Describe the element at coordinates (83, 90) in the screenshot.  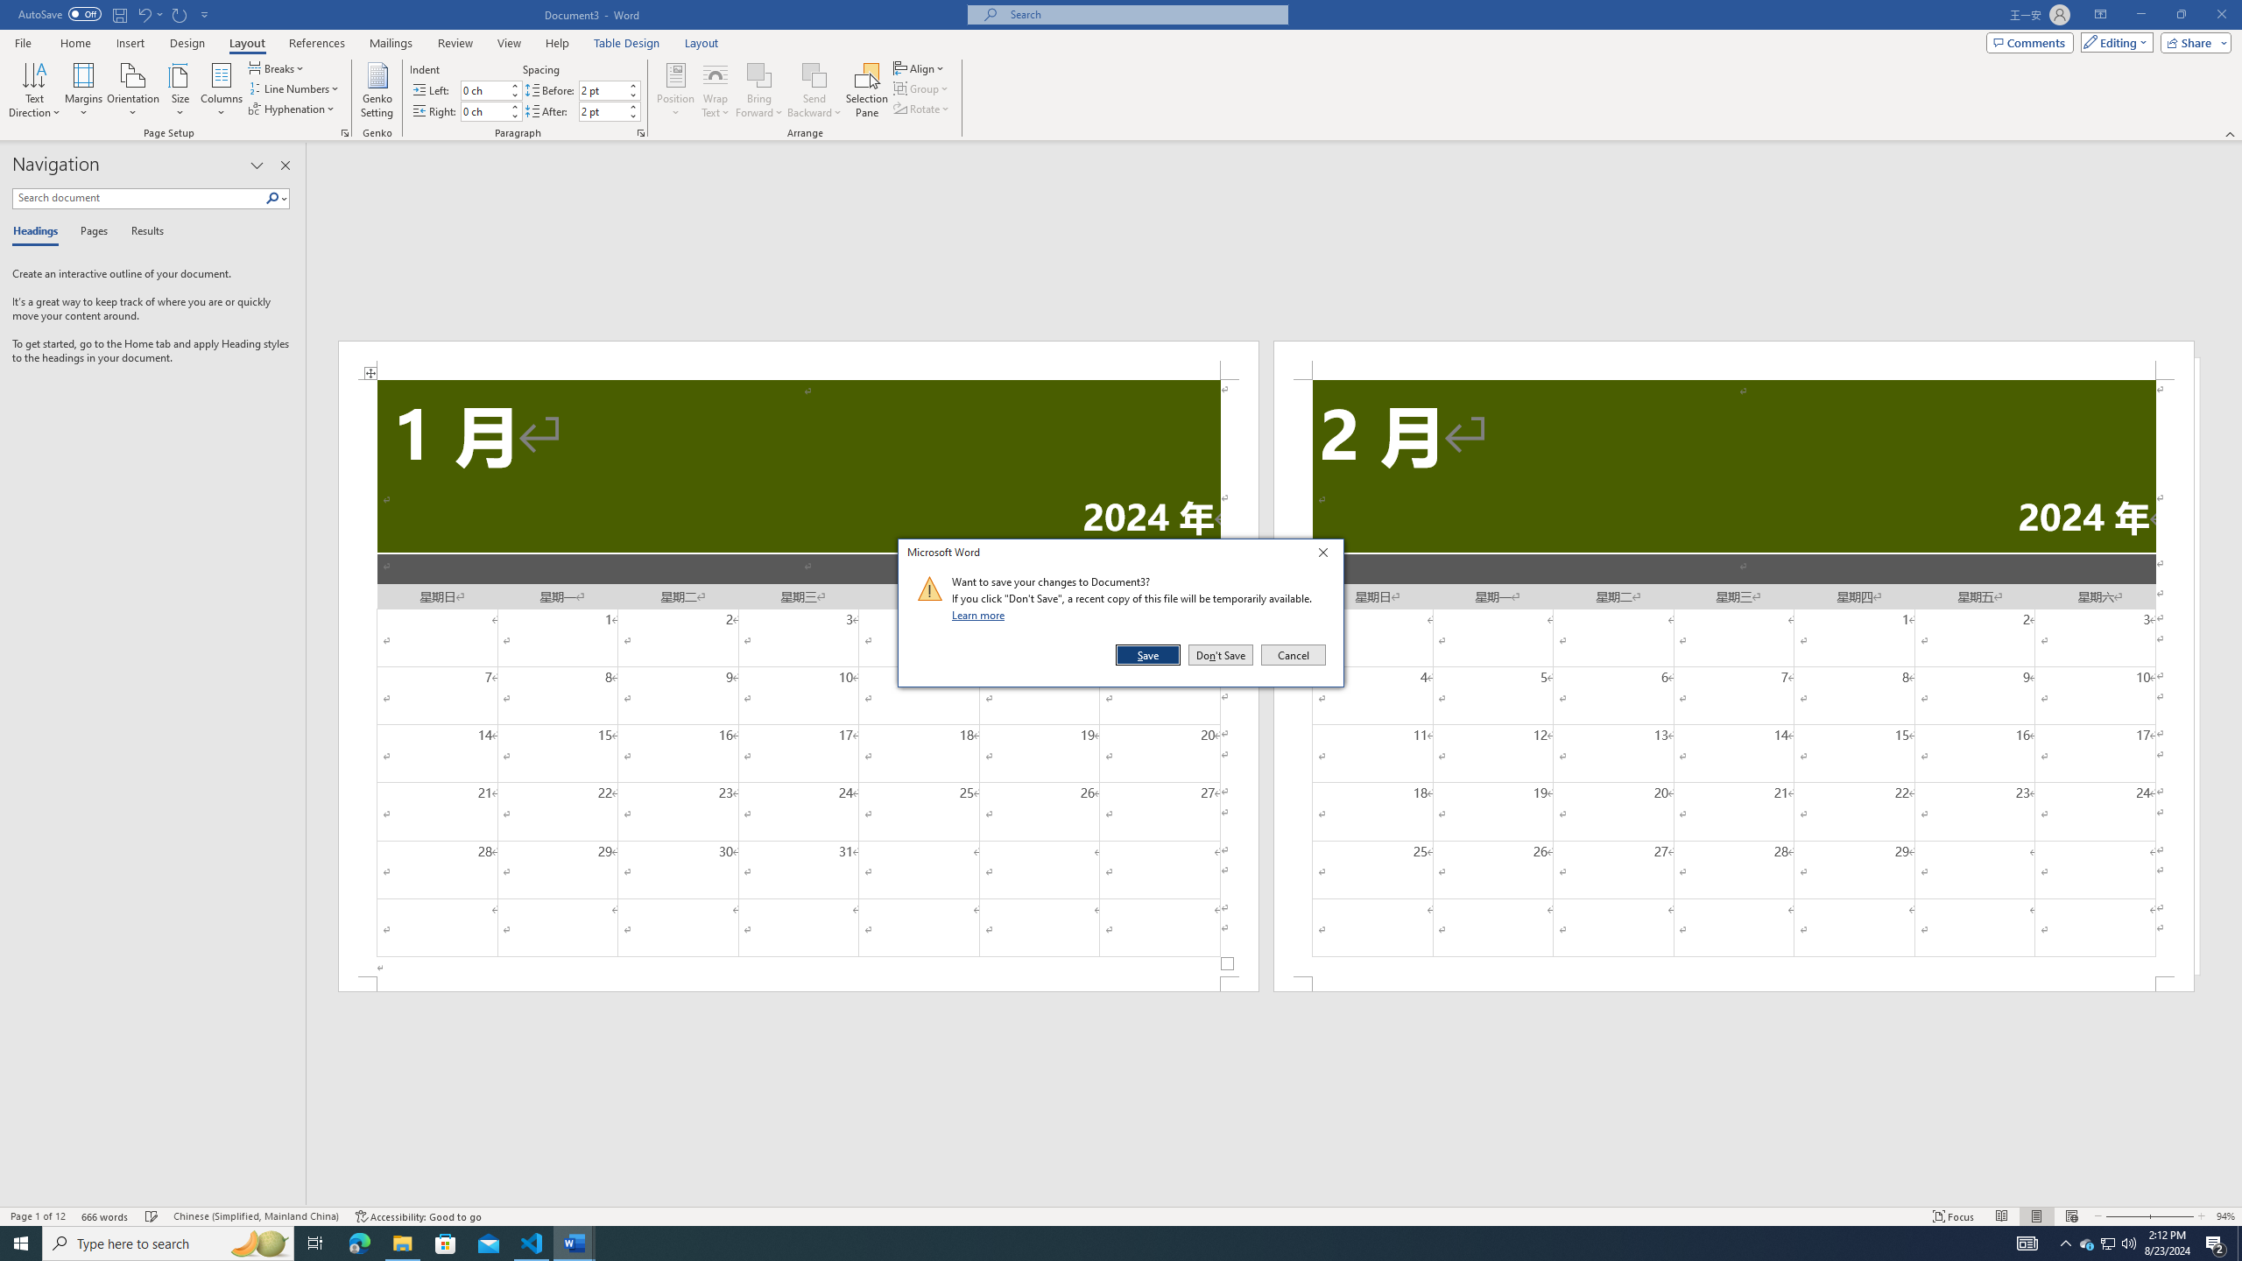
I see `'Margins'` at that location.